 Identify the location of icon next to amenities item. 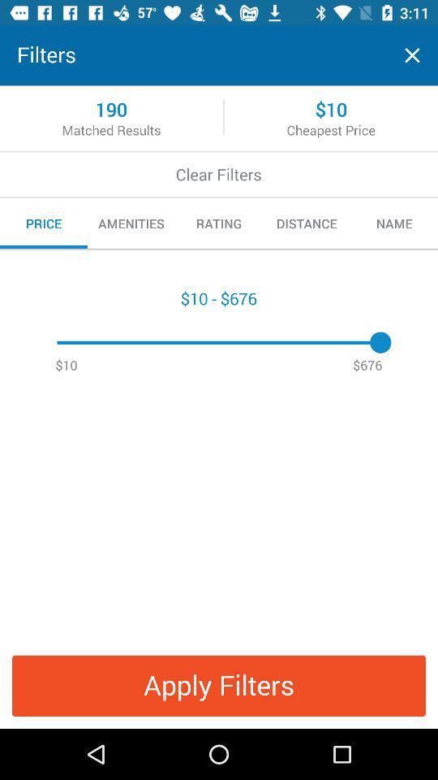
(219, 223).